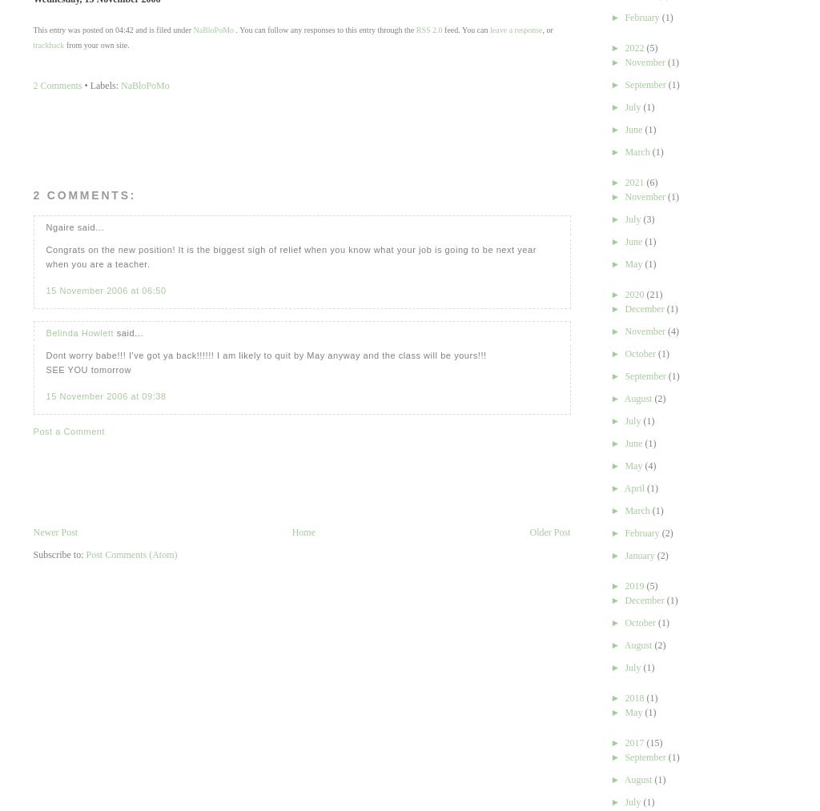 The image size is (820, 811). I want to click on '(15)', so click(653, 743).